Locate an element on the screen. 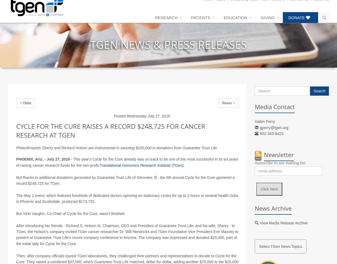 The height and width of the screenshot is (264, 337). 'Education' is located at coordinates (235, 23).